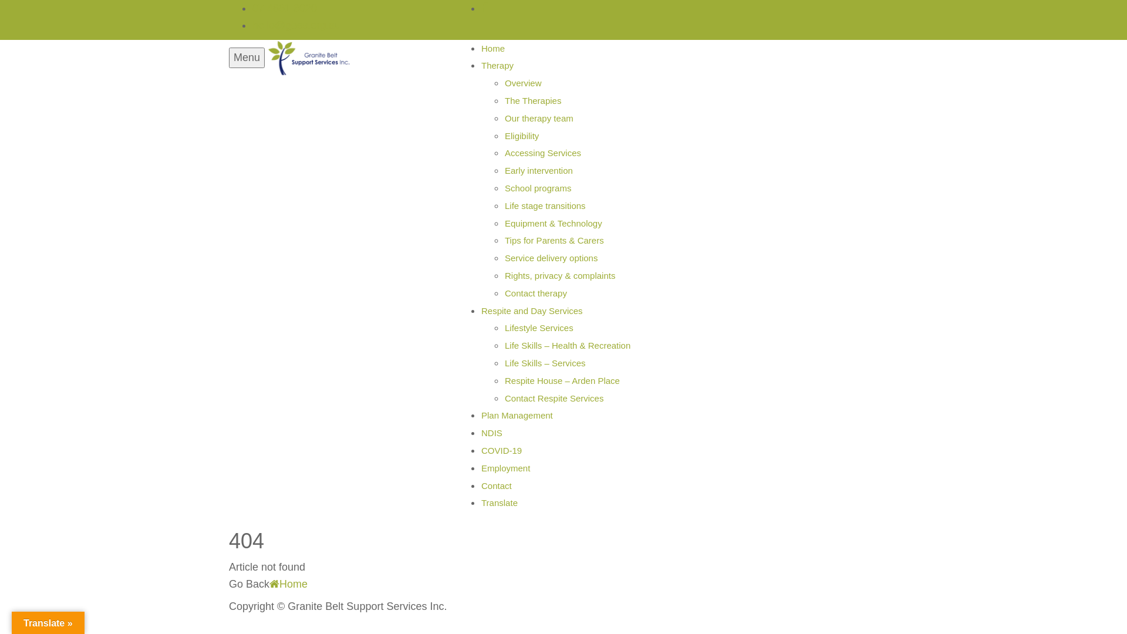 Image resolution: width=1127 pixels, height=634 pixels. Describe the element at coordinates (497, 65) in the screenshot. I see `'Therapy'` at that location.